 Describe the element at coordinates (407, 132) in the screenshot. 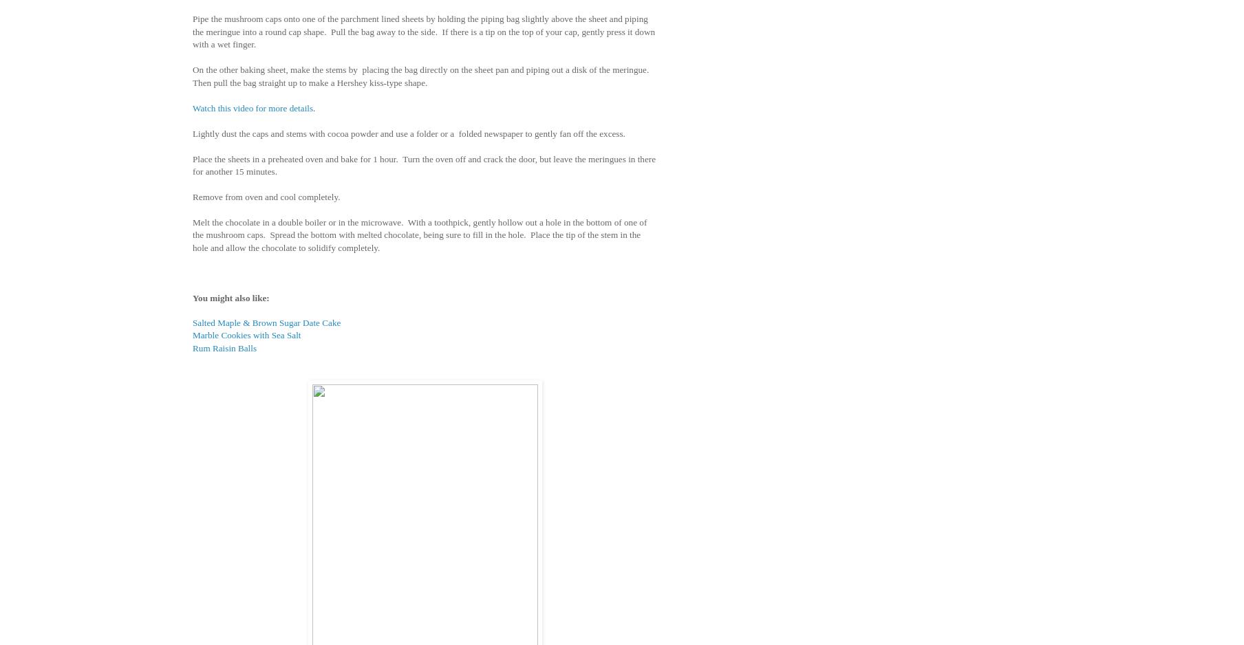

I see `'Lightly dust the caps and stems with cocoa powder and use a folder or a  folded newspaper to gently fan off the excess.'` at that location.